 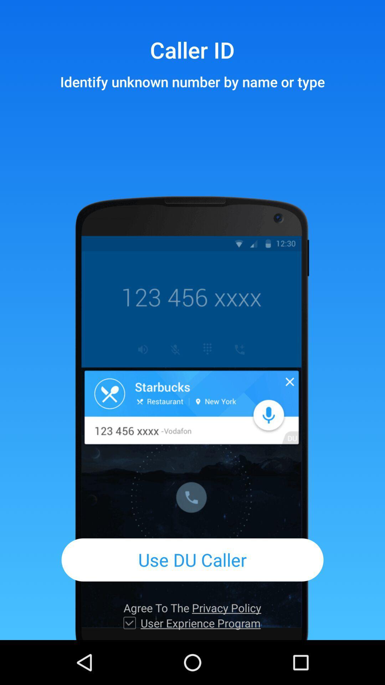 I want to click on the app below agree to the item, so click(x=200, y=623).